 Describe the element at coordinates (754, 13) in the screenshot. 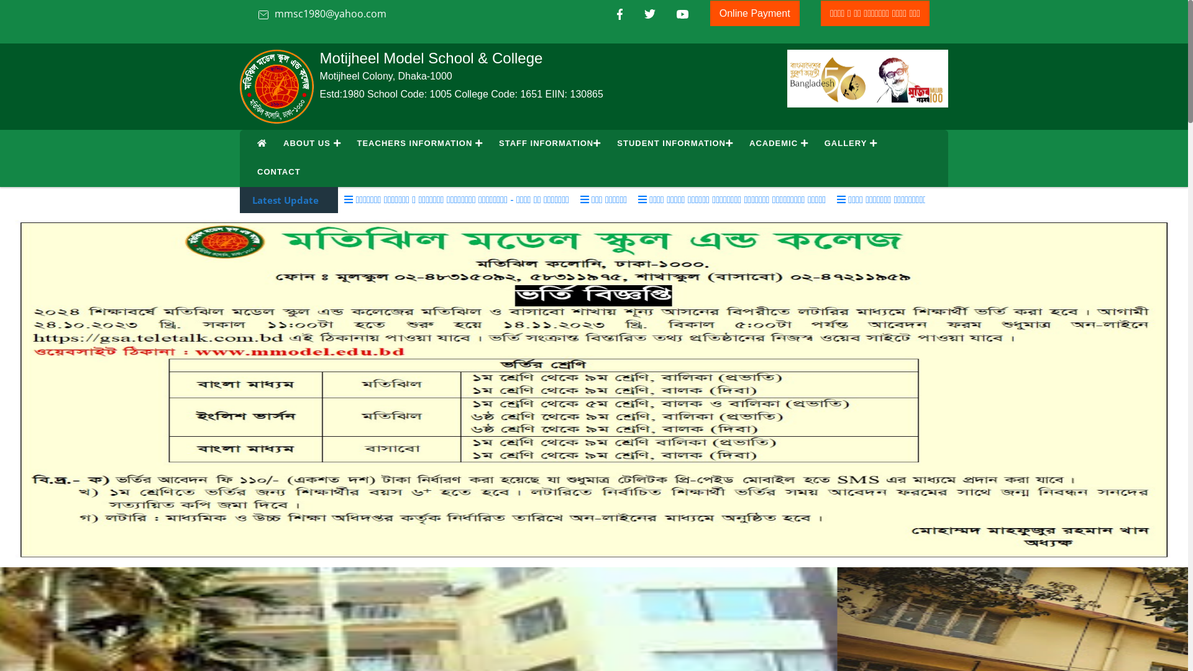

I see `'Online Payment'` at that location.